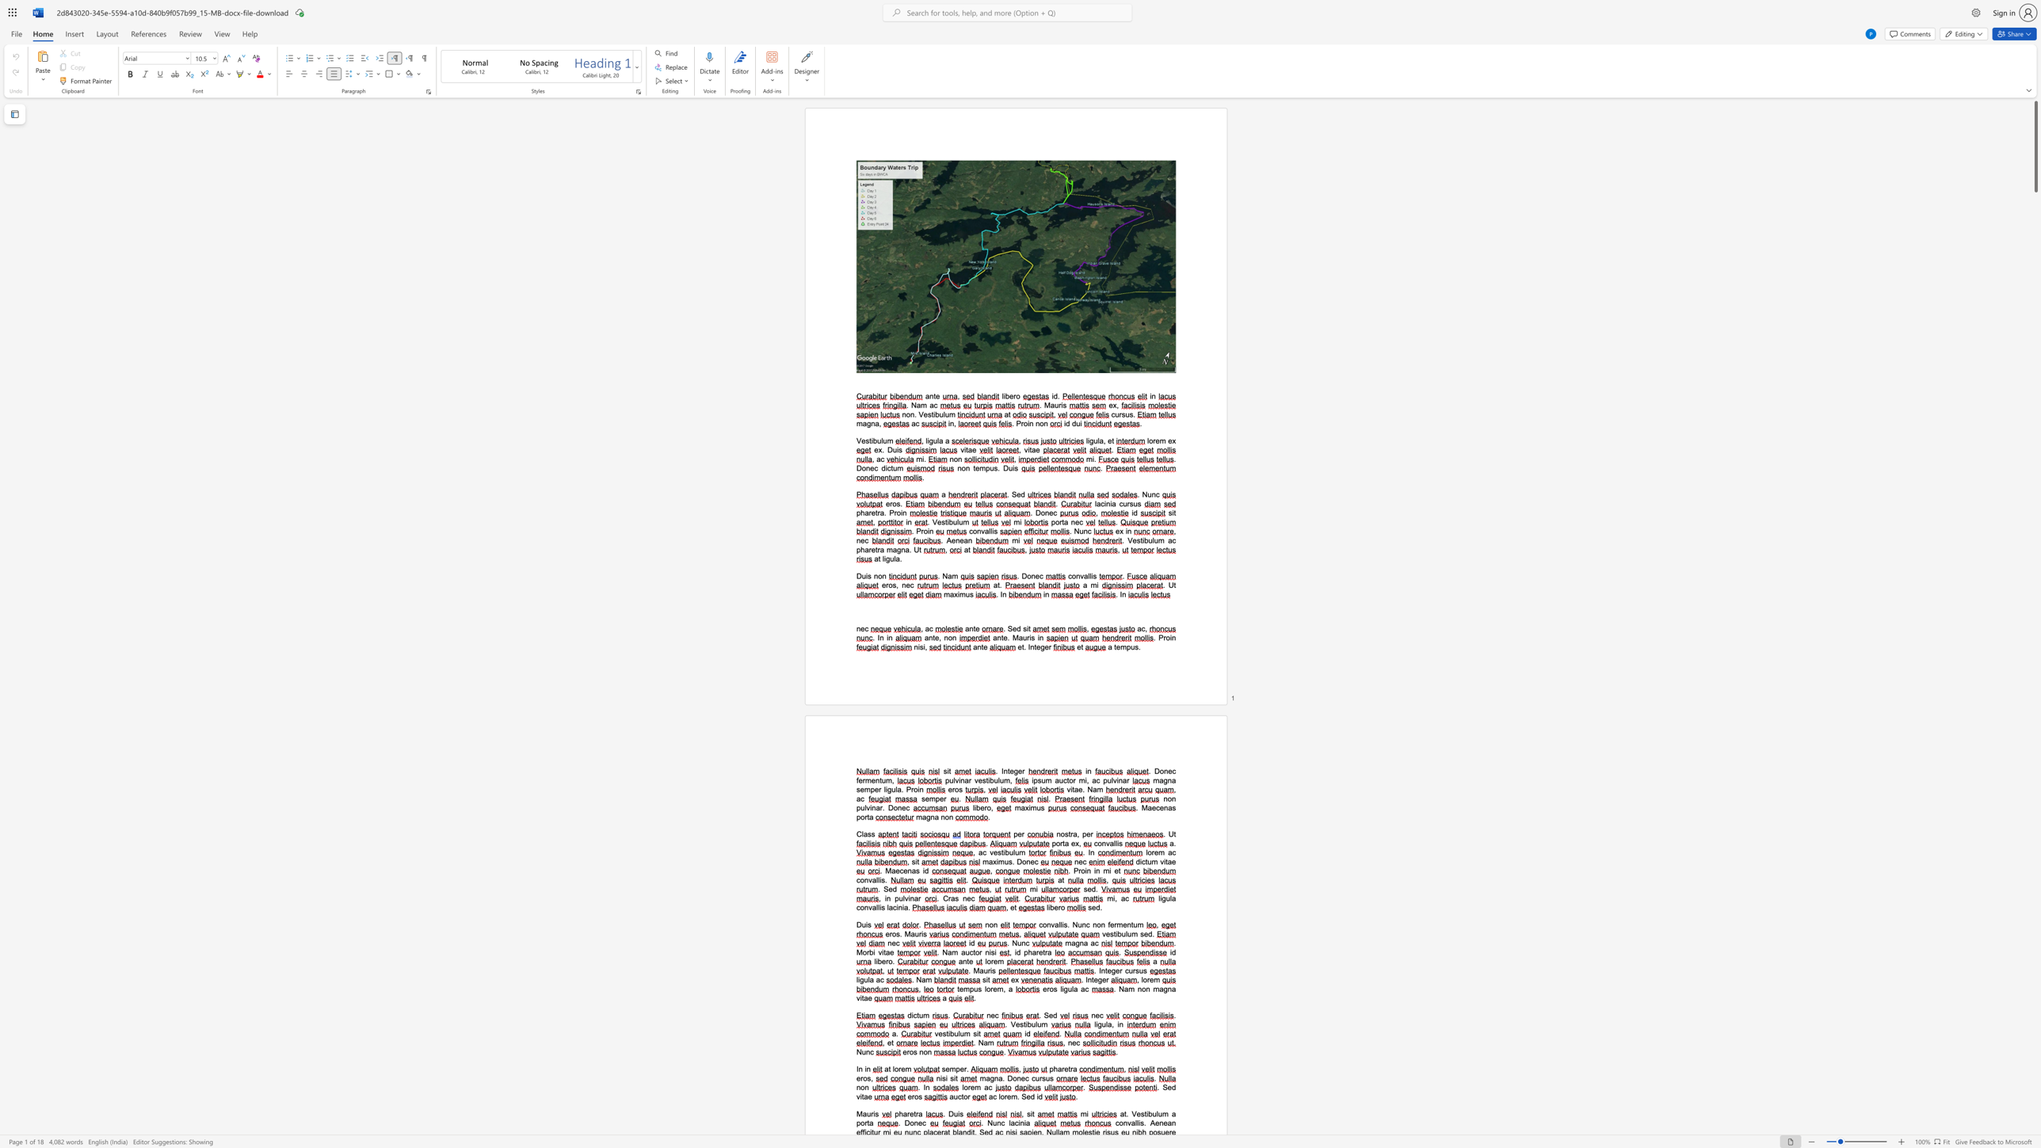 This screenshot has height=1148, width=2041. What do you see at coordinates (860, 789) in the screenshot?
I see `the space between the continuous character "s" and "e" in the text` at bounding box center [860, 789].